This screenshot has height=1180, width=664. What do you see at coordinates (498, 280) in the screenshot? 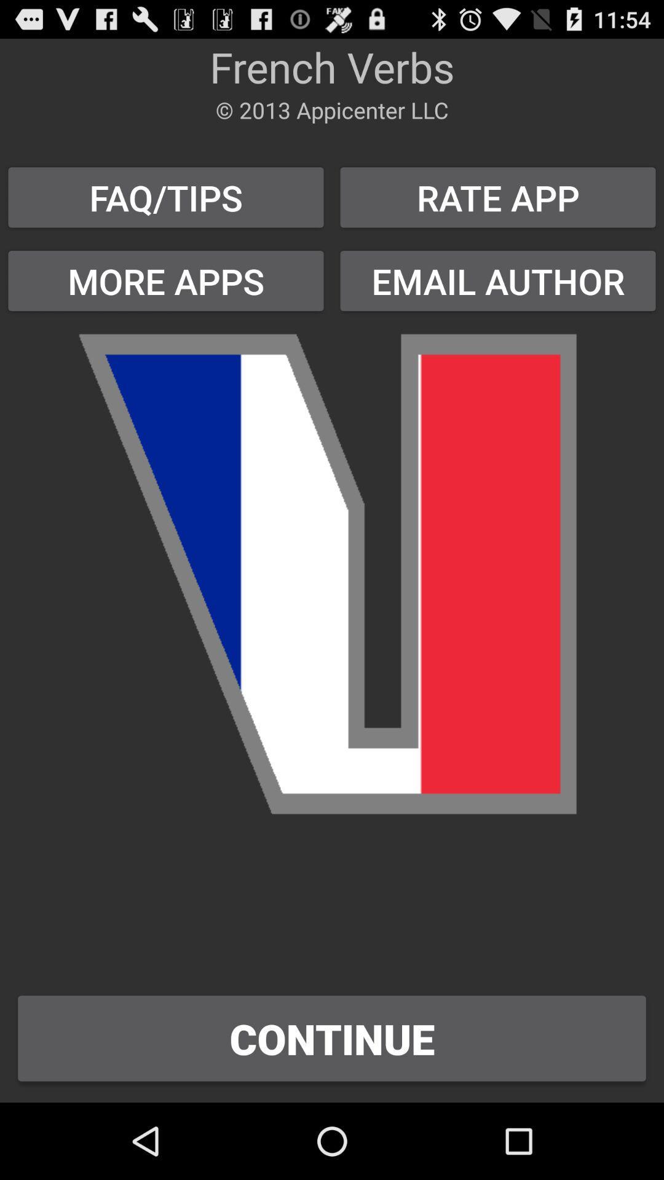
I see `button to the right of the faq/tips button` at bounding box center [498, 280].